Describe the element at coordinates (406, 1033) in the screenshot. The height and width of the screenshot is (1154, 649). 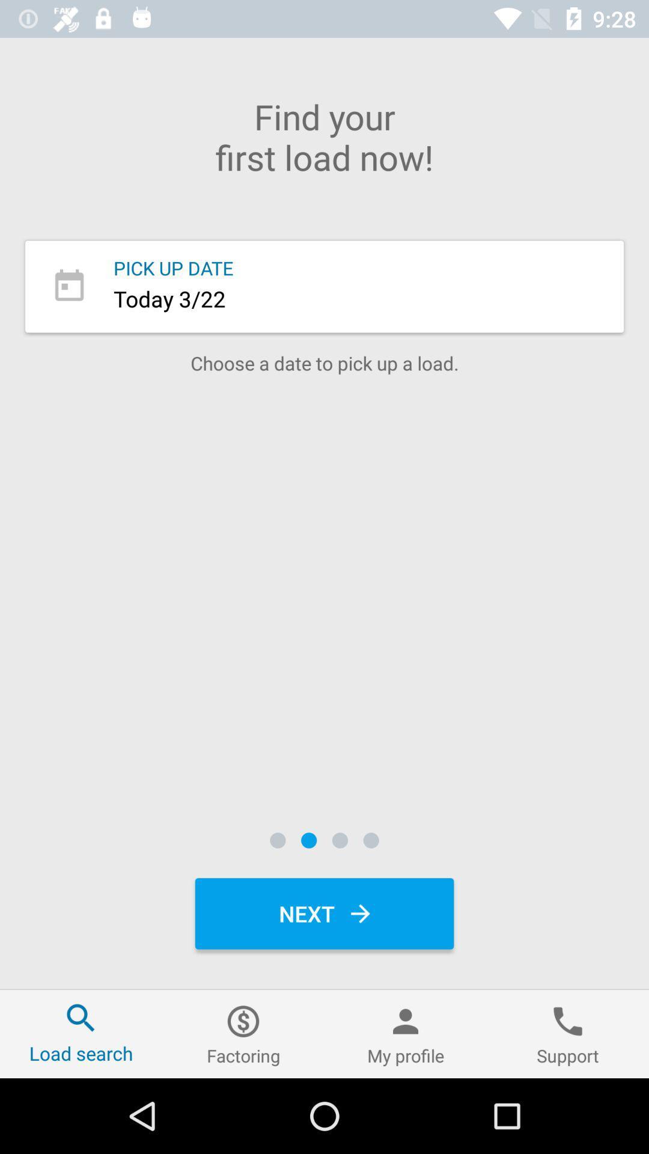
I see `icon next to support icon` at that location.